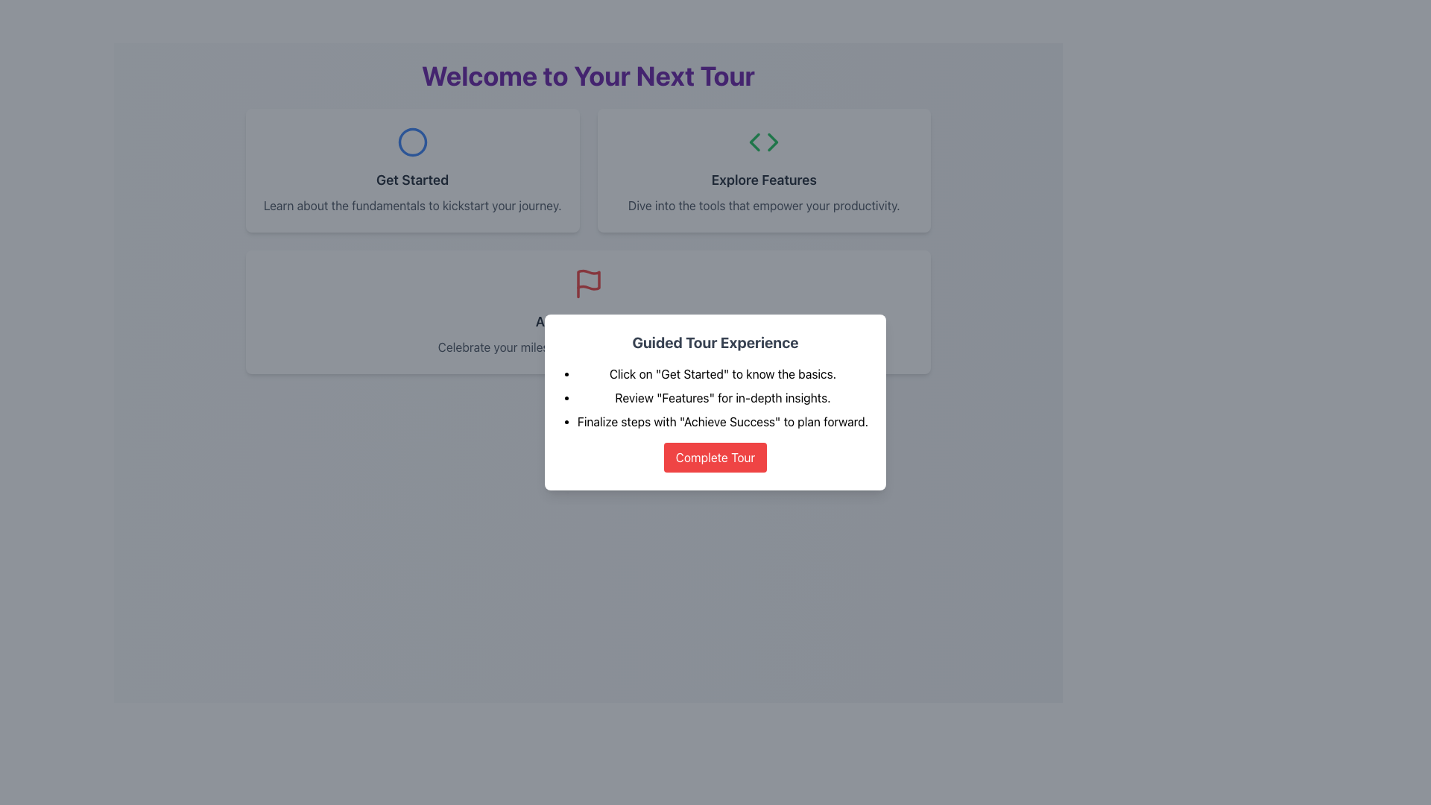  Describe the element at coordinates (722, 422) in the screenshot. I see `the third item in the bulleted list that provides final steps to achieve success, located above the 'Complete Tour' button in the popup dialog box` at that location.